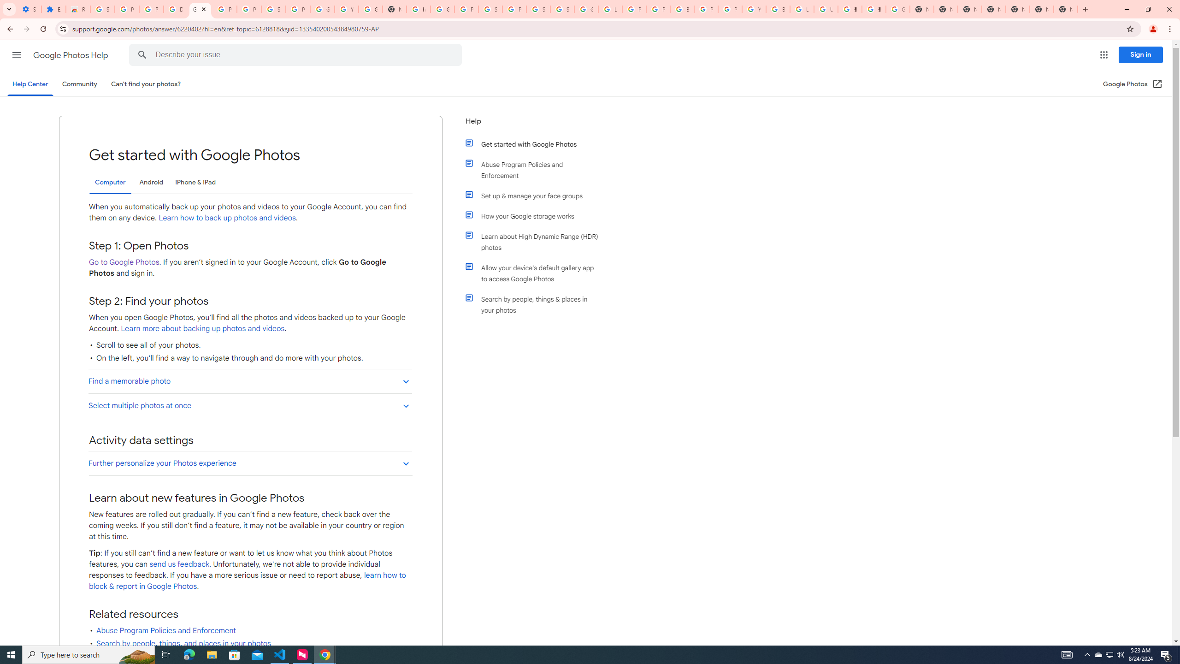 The height and width of the screenshot is (664, 1180). I want to click on 'Abuse Program Policies and Enforcement', so click(536, 170).